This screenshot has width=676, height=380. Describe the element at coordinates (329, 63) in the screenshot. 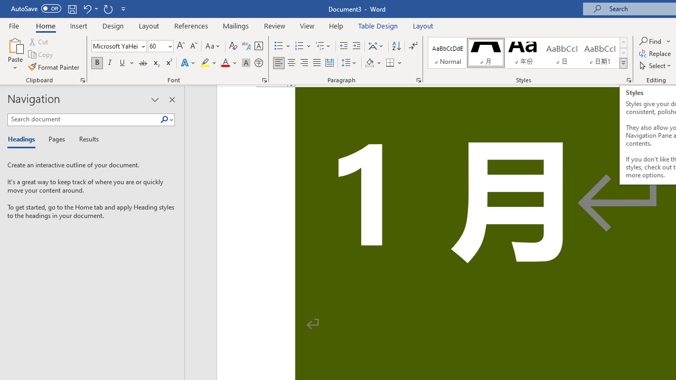

I see `'Distributed'` at that location.